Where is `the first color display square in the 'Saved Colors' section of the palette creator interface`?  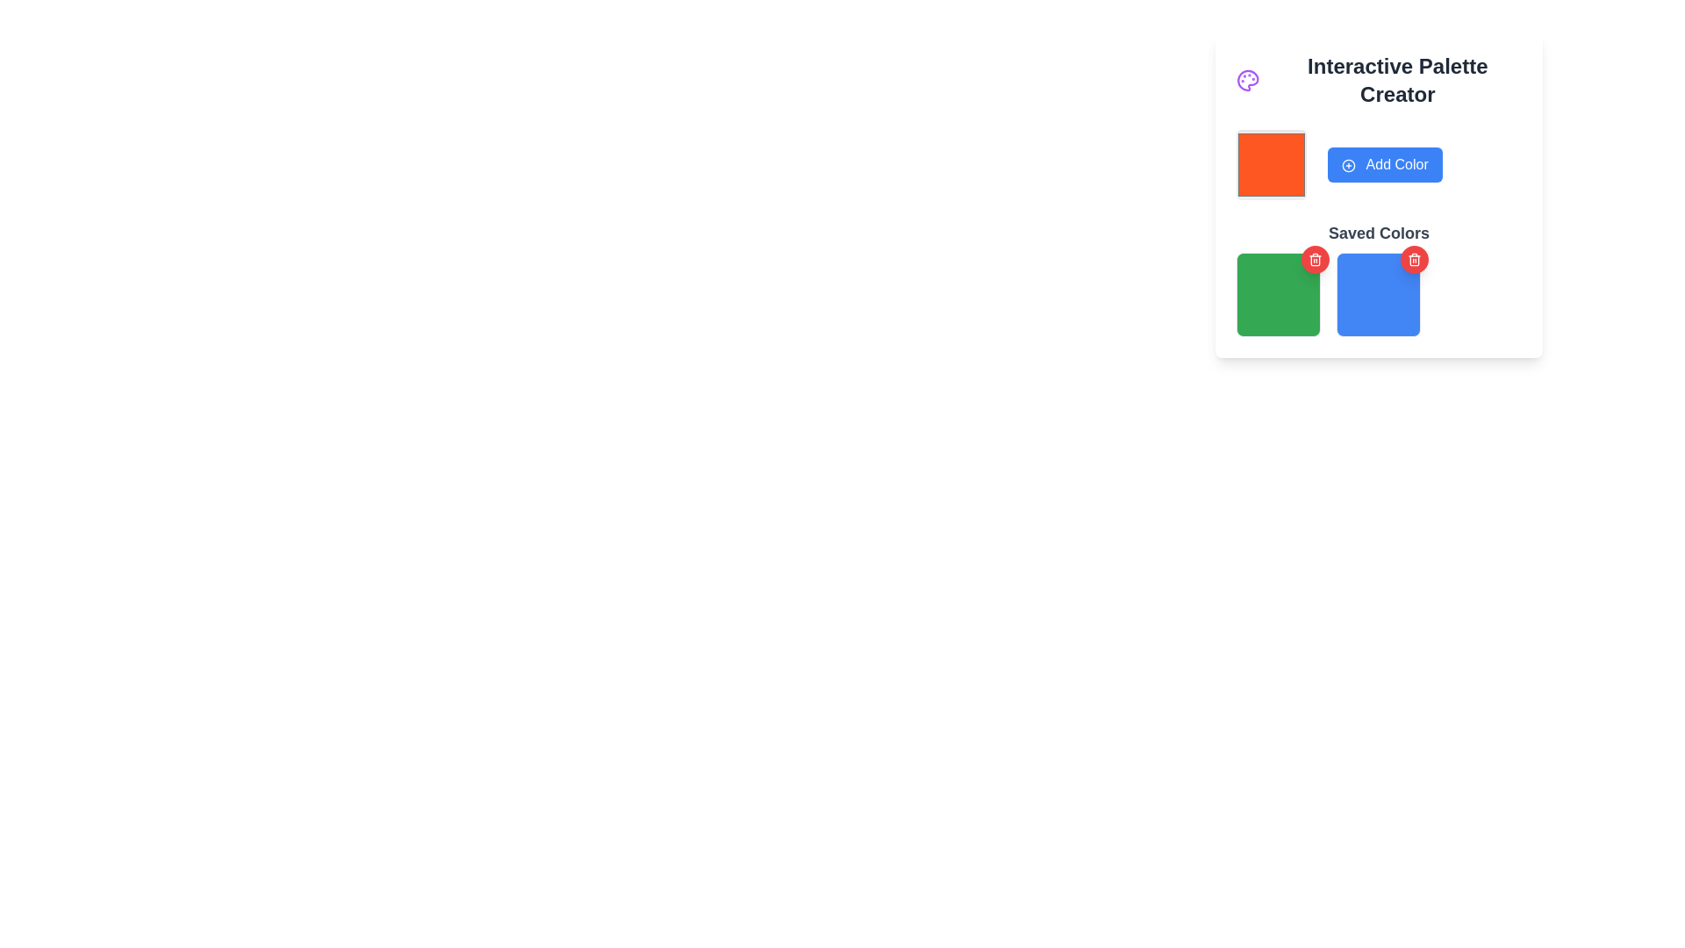 the first color display square in the 'Saved Colors' section of the palette creator interface is located at coordinates (1279, 293).